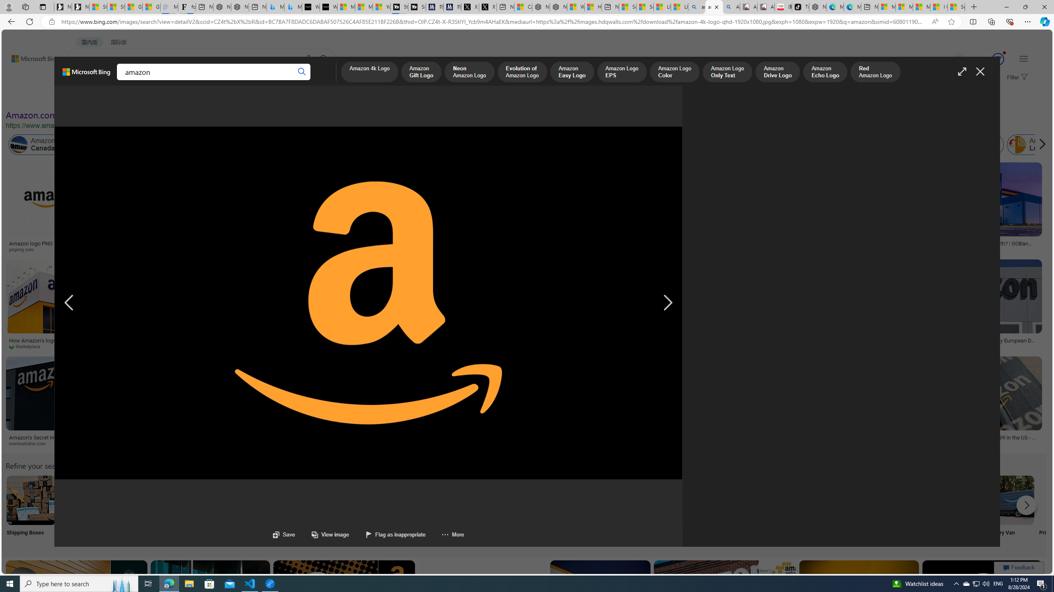 This screenshot has height=592, width=1054. What do you see at coordinates (80, 7) in the screenshot?
I see `'Newsletter Sign Up'` at bounding box center [80, 7].